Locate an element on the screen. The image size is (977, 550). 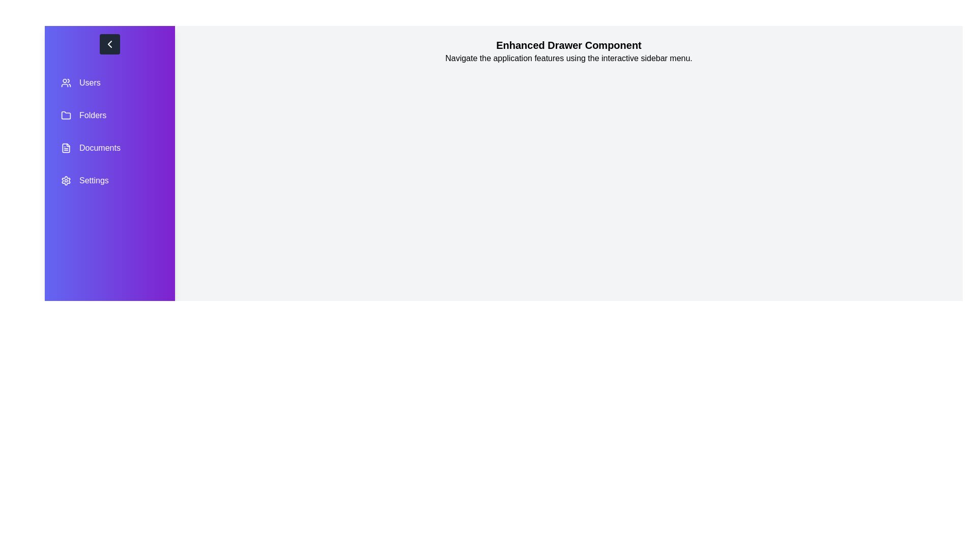
the menu item labeled Folders to observe the hover effect is located at coordinates (110, 115).